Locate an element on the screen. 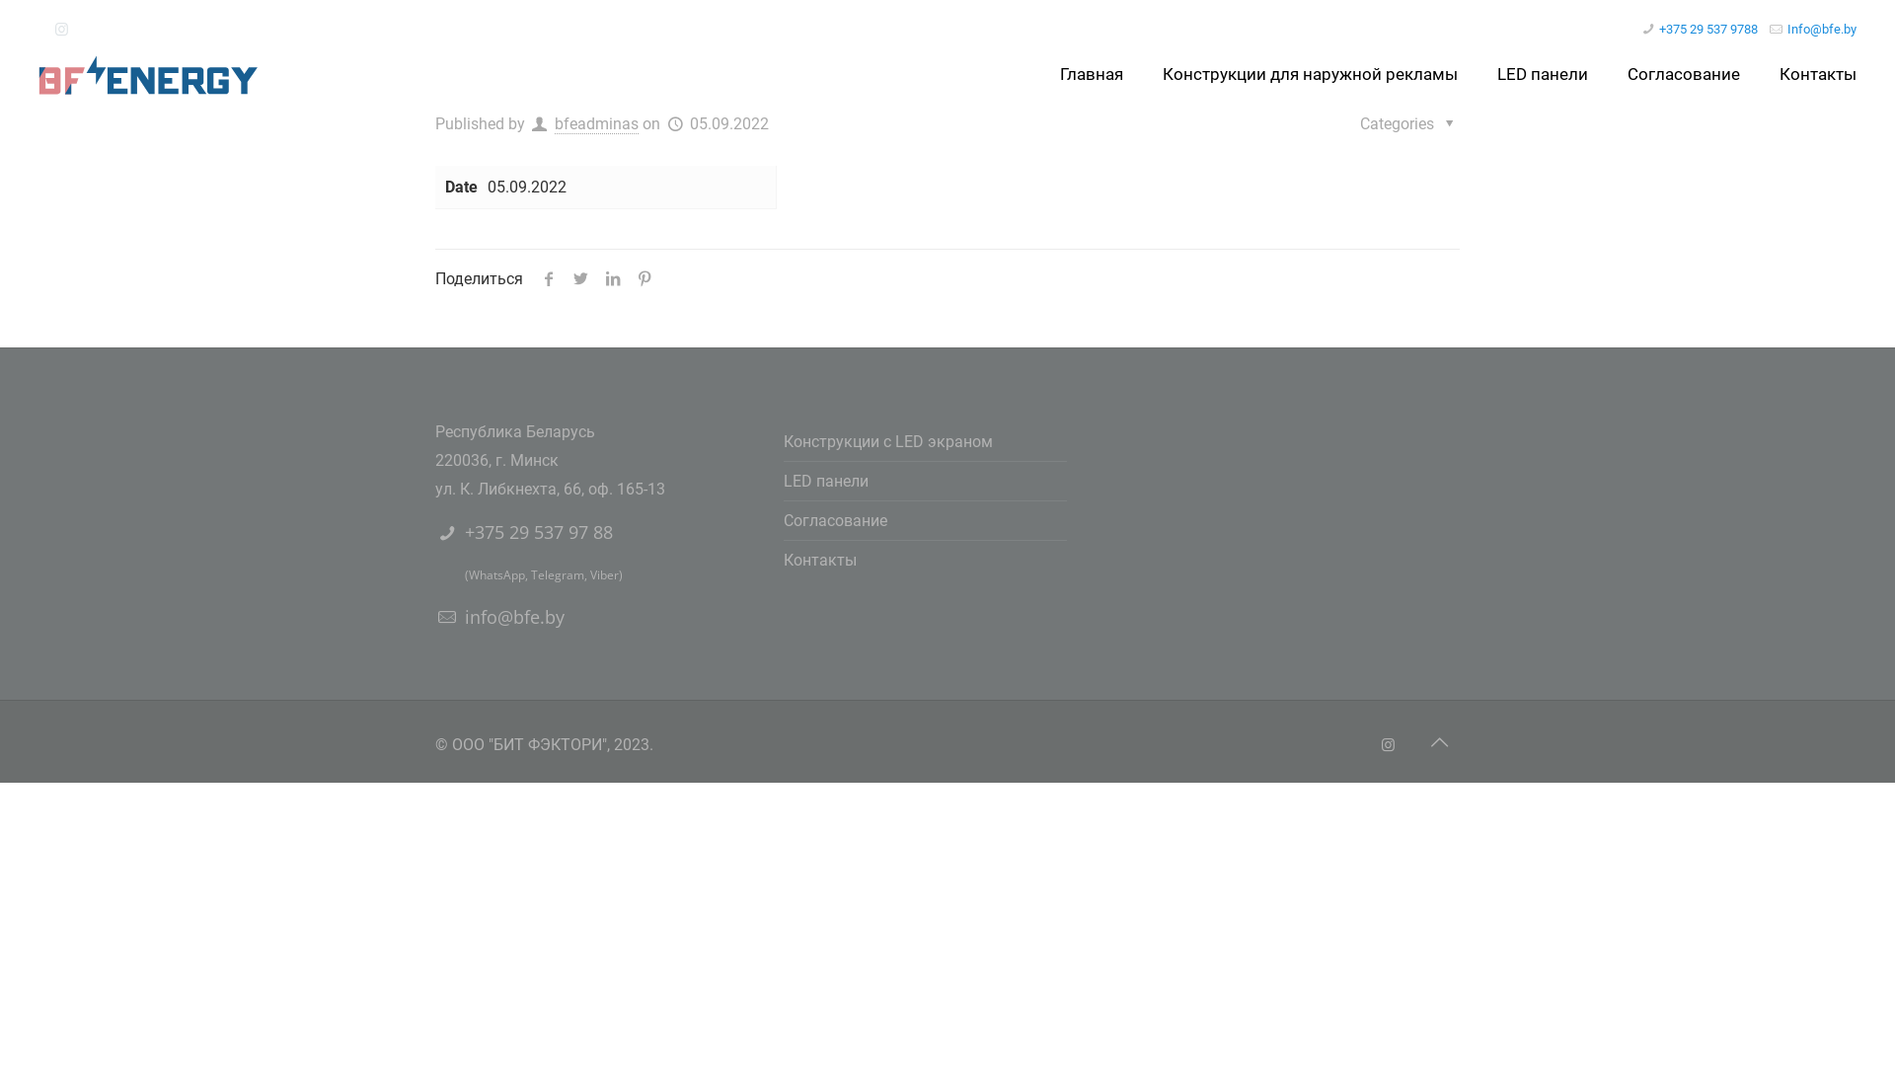  'BFE.by' is located at coordinates (38, 72).